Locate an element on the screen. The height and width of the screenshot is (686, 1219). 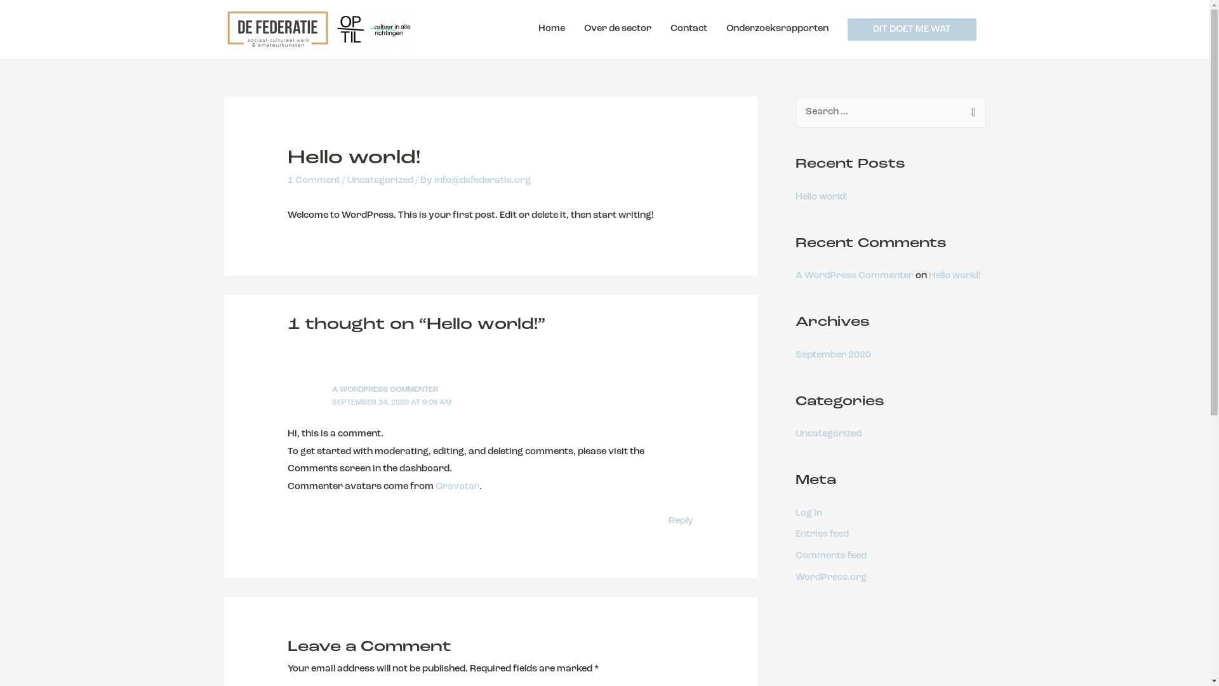
'Gravatar' is located at coordinates (457, 486).